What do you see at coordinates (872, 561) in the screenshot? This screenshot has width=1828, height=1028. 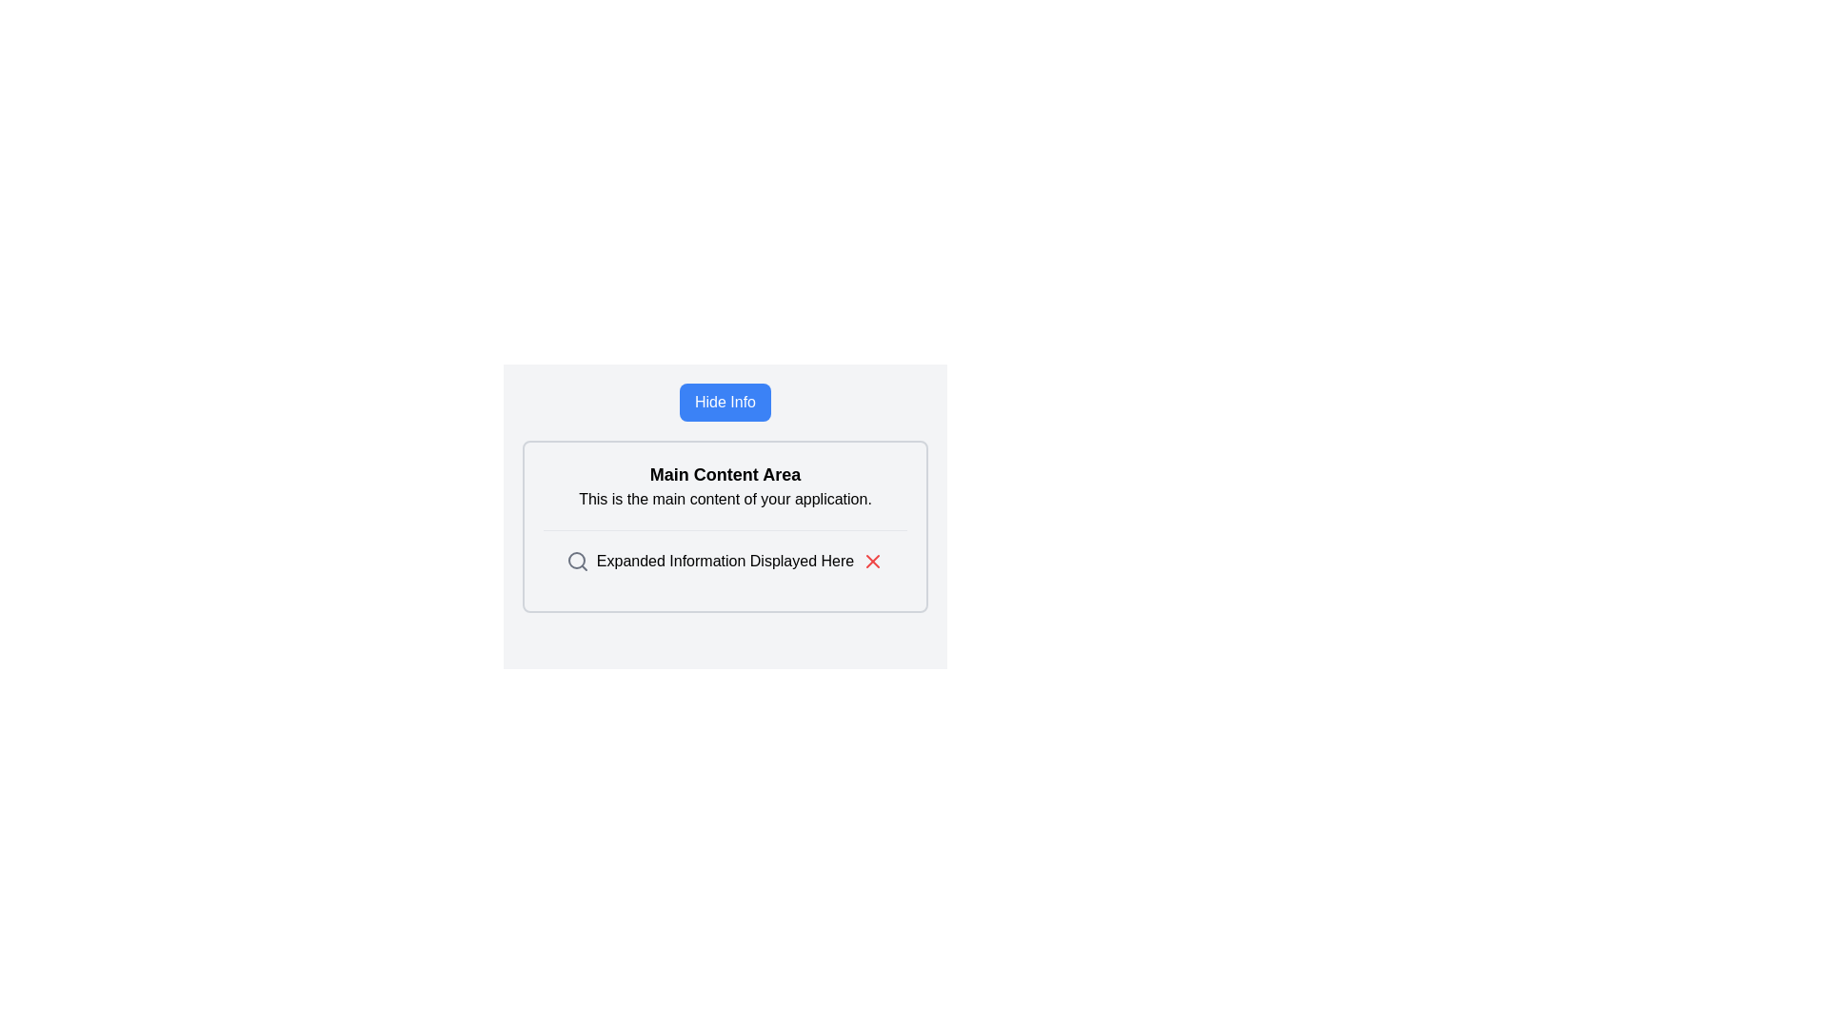 I see `the red 'X' icon located at the top right corner of the label 'Expanded Information Displayed Here'` at bounding box center [872, 561].